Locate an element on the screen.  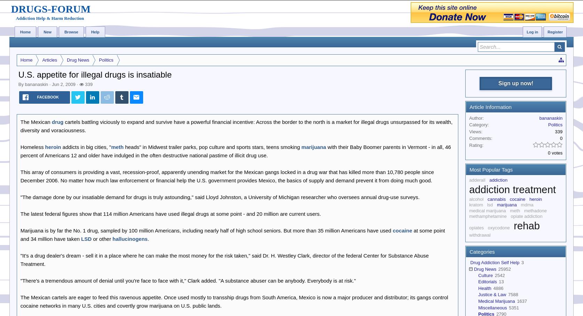
'drug' is located at coordinates (57, 121).